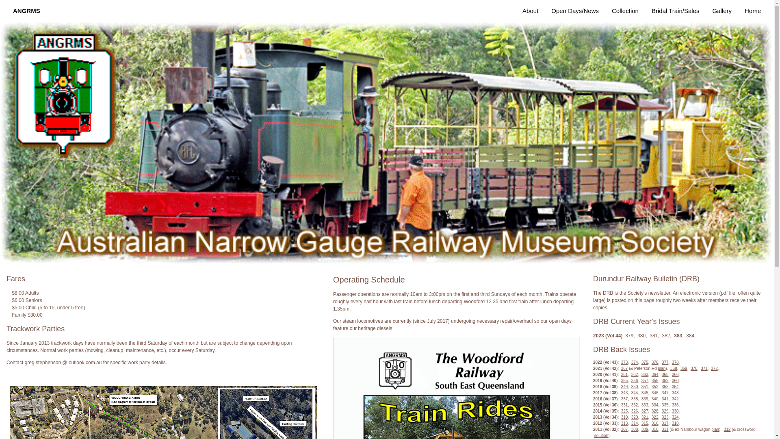 Image resolution: width=780 pixels, height=439 pixels. I want to click on '345', so click(644, 392).